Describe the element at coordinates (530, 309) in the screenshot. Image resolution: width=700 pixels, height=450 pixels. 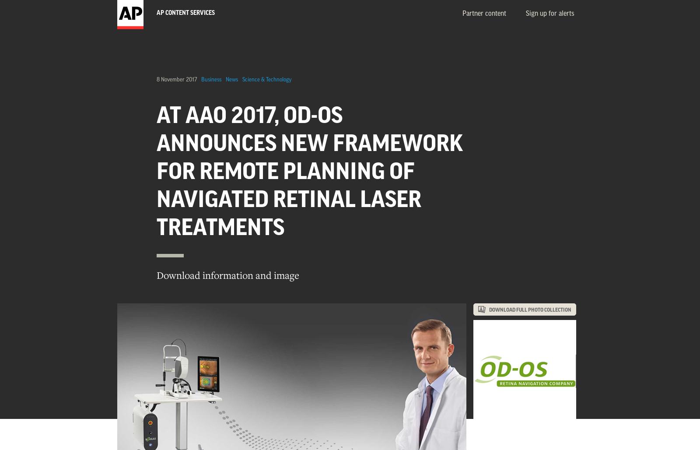
I see `'DOWNLOAD FULL PHOTO
                                    COLLECTION'` at that location.